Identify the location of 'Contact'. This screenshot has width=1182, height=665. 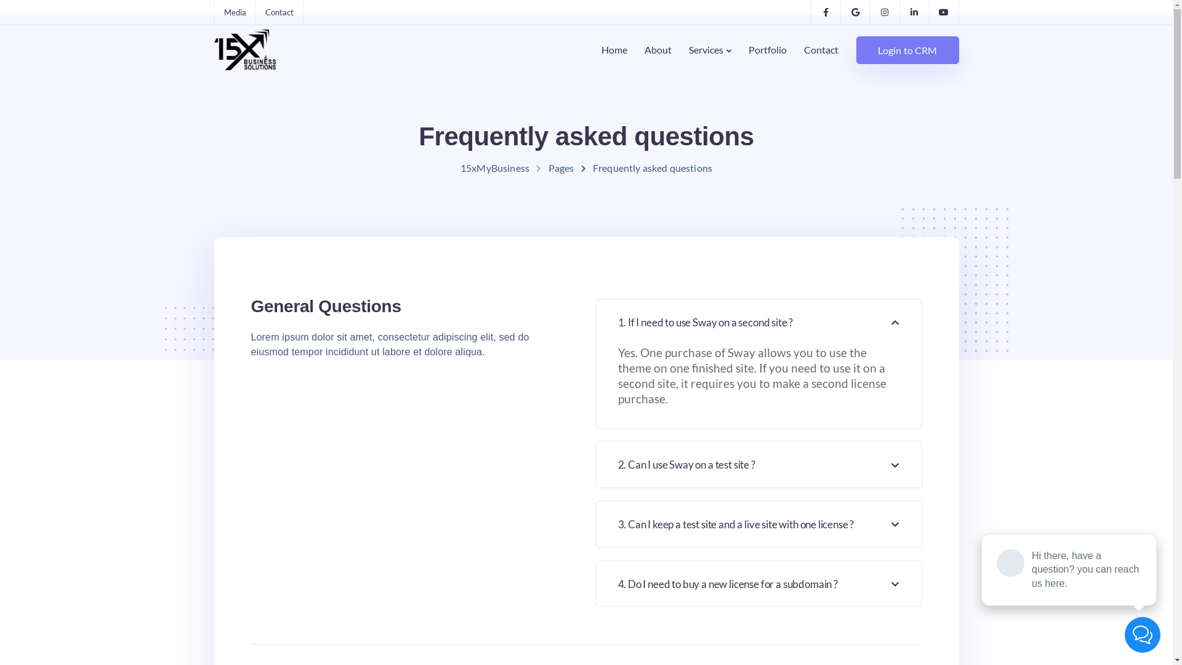
(231, 282).